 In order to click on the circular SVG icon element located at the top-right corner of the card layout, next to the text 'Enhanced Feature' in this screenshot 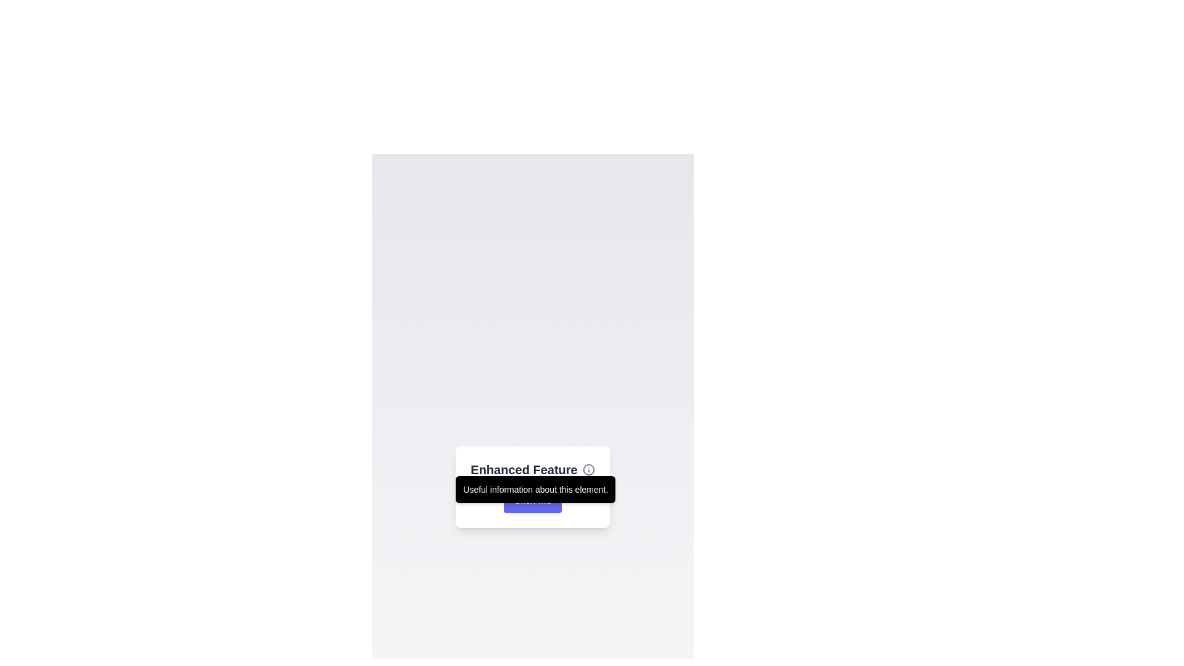, I will do `click(588, 470)`.